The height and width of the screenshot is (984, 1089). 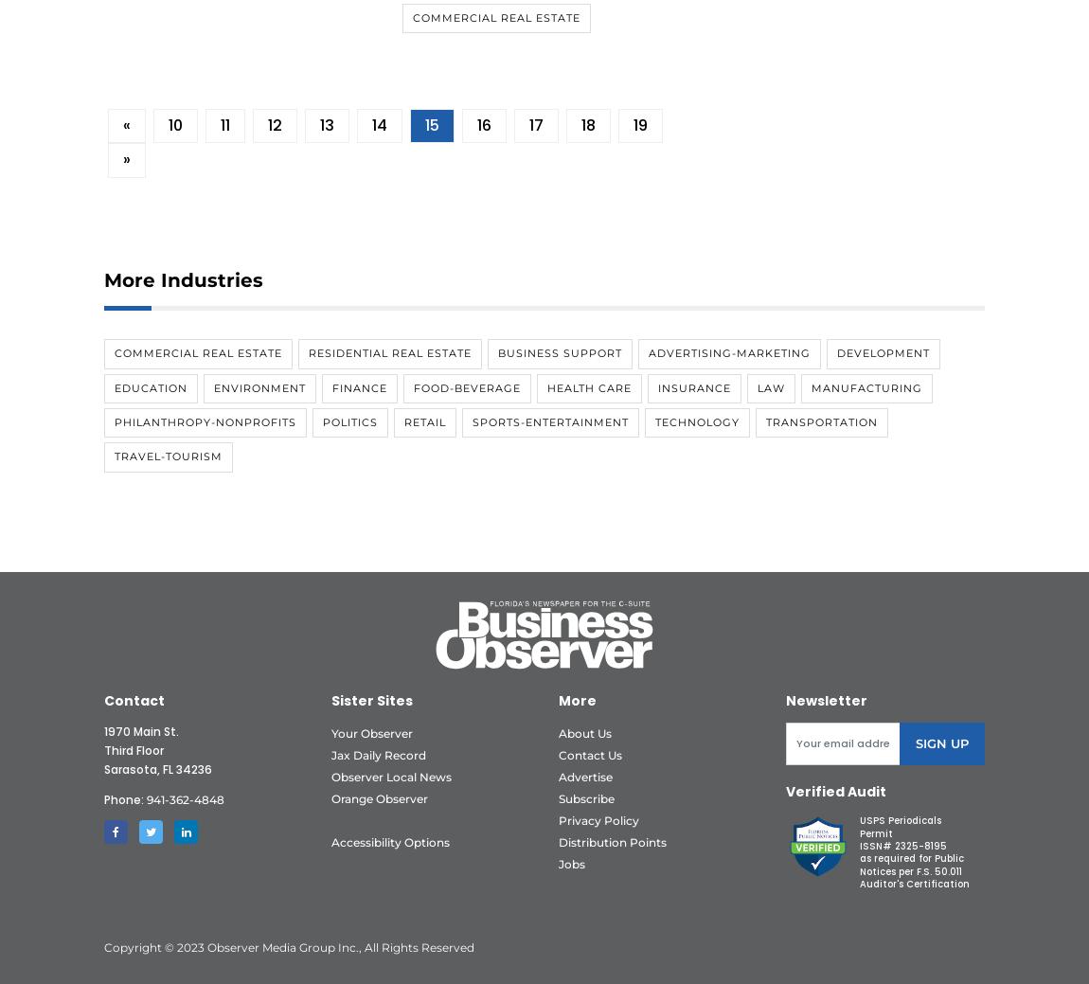 I want to click on 'Technology', so click(x=696, y=420).